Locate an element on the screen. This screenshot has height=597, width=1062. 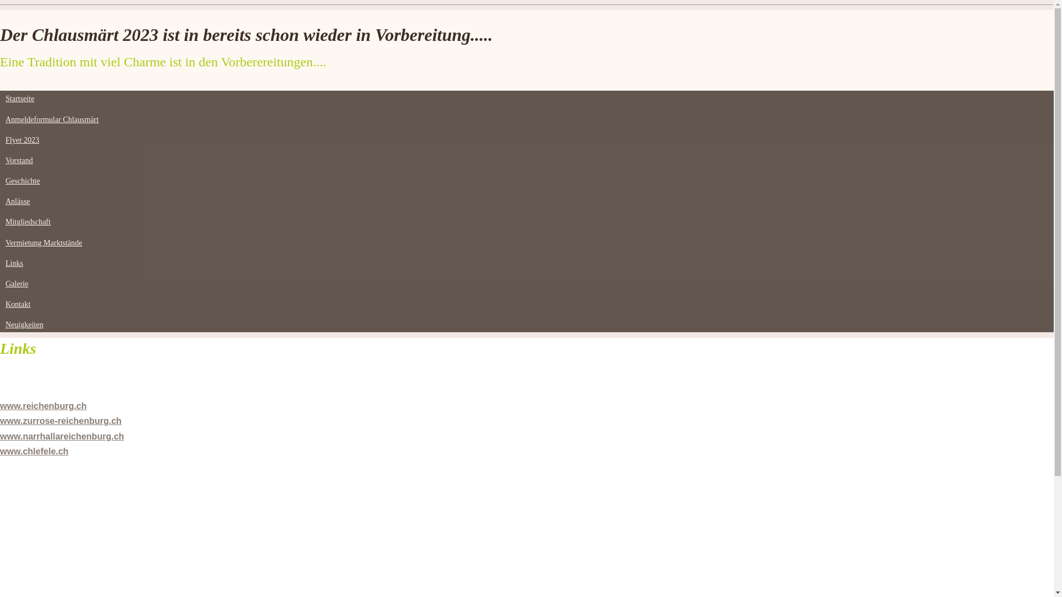
'www.chlefele.ch' is located at coordinates (34, 451).